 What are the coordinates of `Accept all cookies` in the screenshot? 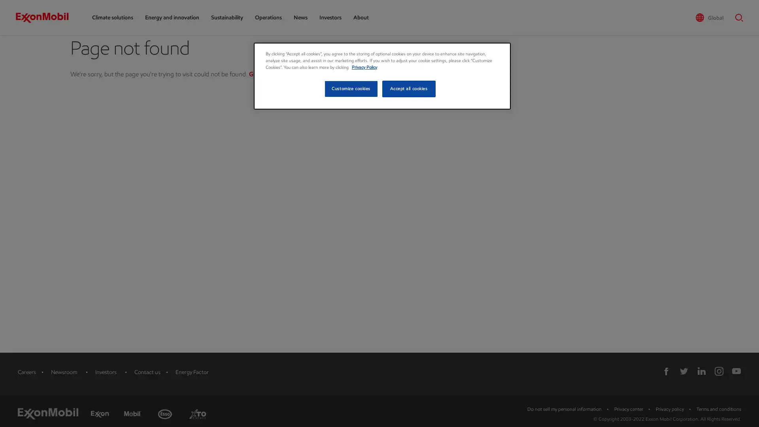 It's located at (409, 89).